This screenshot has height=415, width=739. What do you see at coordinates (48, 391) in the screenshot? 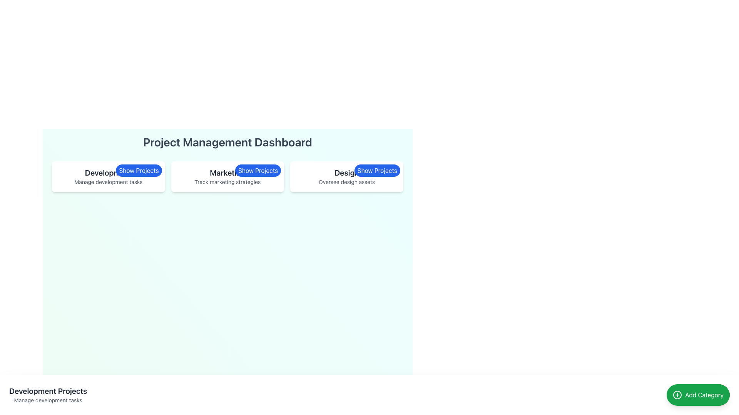
I see `the text label displaying 'Development Projects', which is a bold, large, dark gray title located in the leftmost card of the Project Management Dashboard` at bounding box center [48, 391].